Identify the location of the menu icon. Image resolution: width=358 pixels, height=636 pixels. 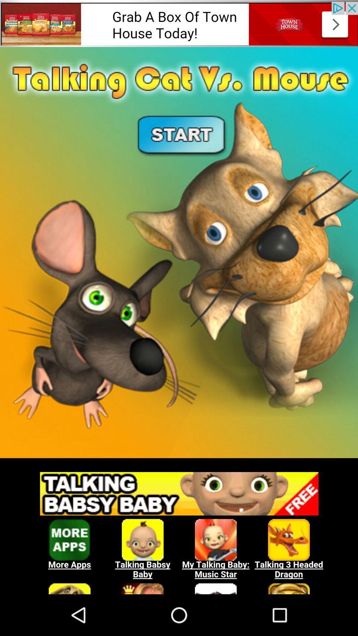
(29, 485).